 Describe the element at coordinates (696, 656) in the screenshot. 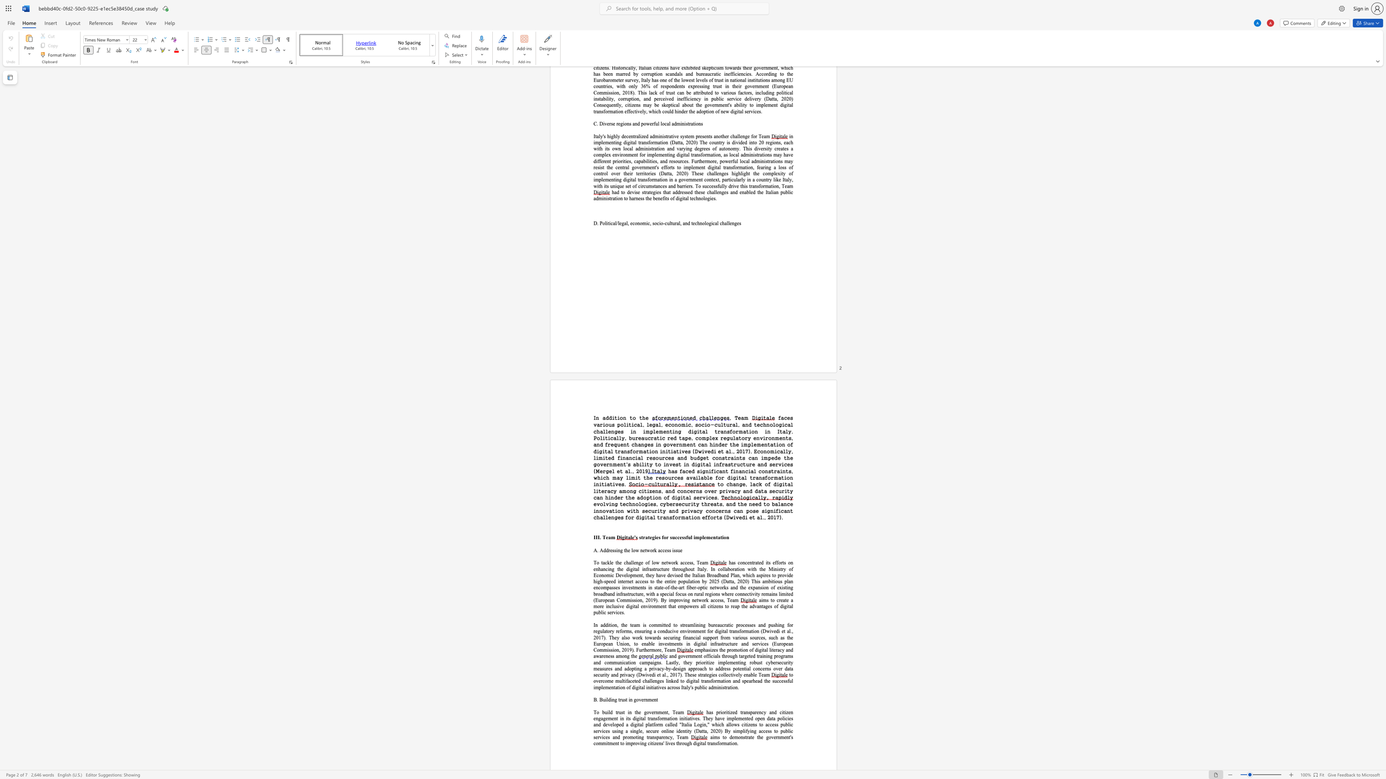

I see `the subset text "ent of" within the text "and government of"` at that location.